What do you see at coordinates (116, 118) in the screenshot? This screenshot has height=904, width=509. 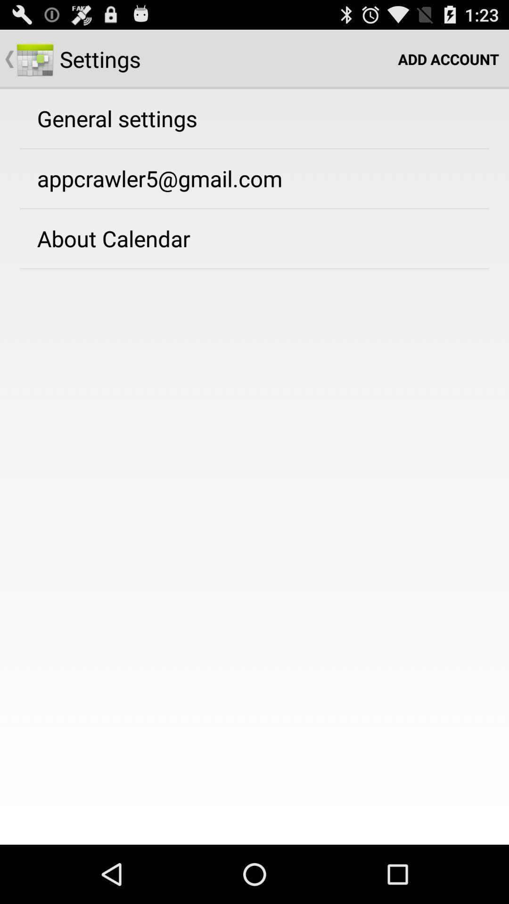 I see `the general settings app` at bounding box center [116, 118].